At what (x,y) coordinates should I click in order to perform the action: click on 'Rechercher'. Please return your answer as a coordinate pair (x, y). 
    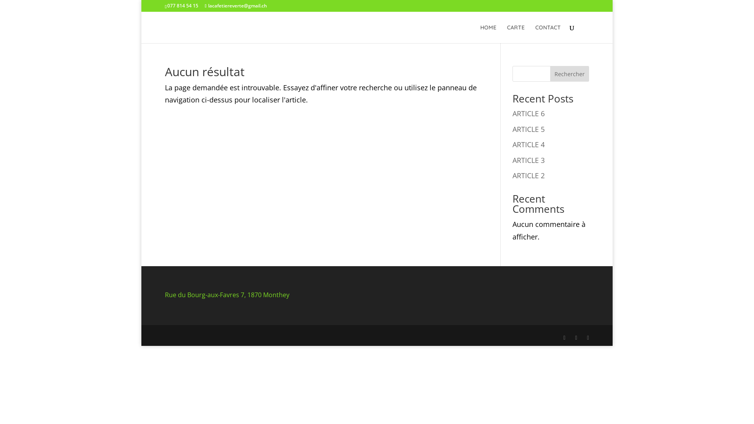
    Looking at the image, I should click on (569, 74).